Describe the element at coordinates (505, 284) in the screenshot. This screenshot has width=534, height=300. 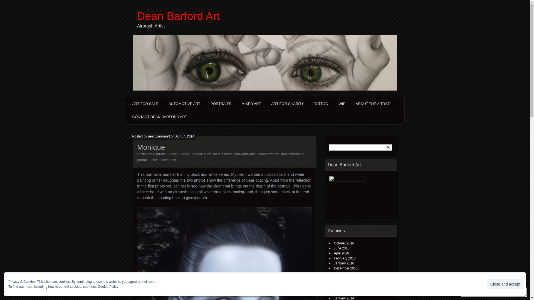
I see `'Close and accept'` at that location.